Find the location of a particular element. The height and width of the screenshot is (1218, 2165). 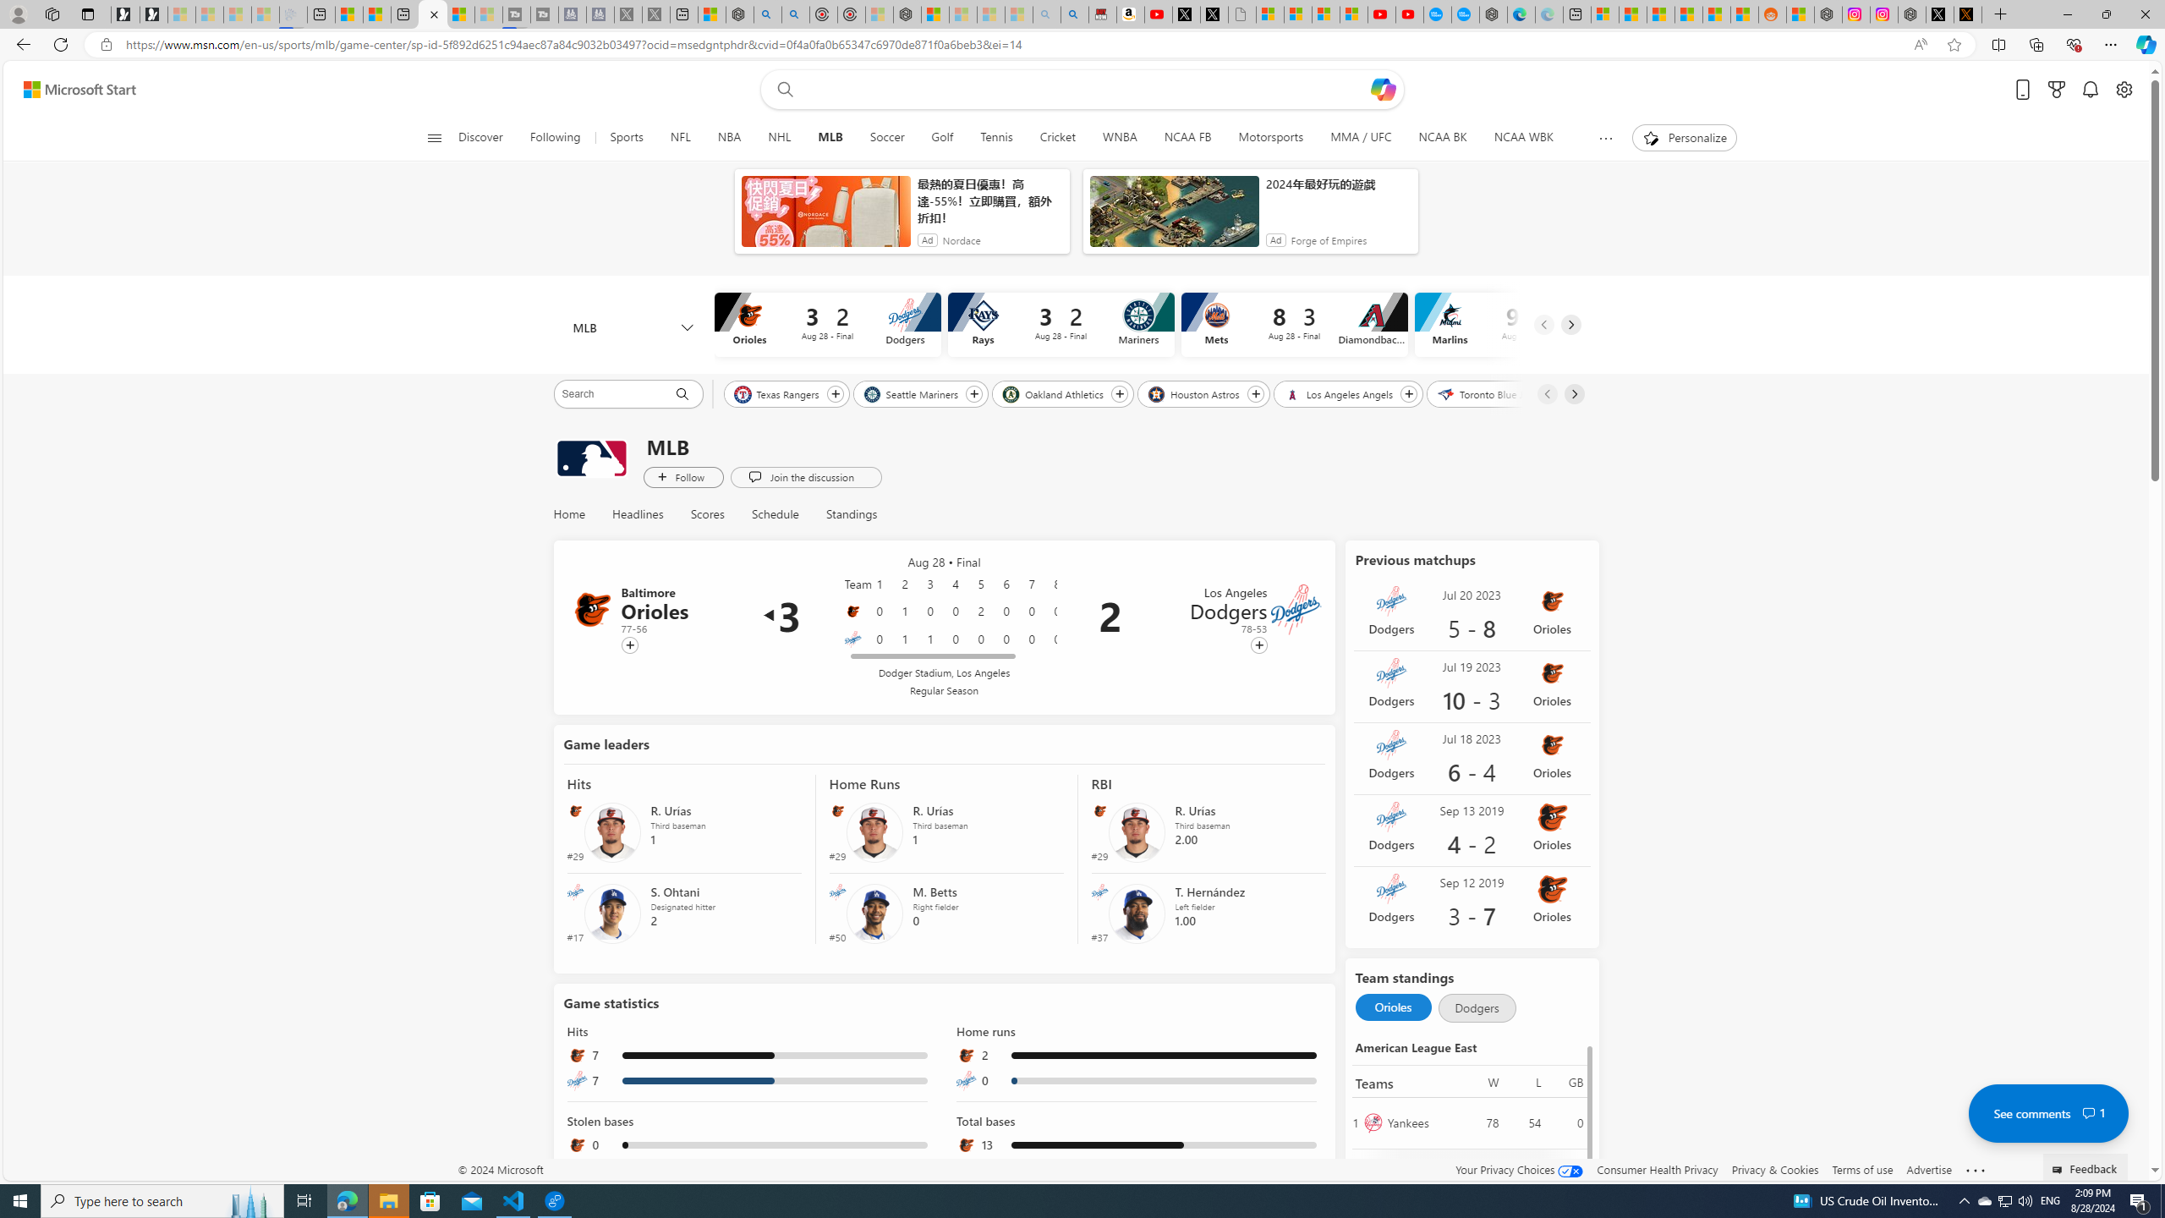

'Motorsports' is located at coordinates (1269, 137).